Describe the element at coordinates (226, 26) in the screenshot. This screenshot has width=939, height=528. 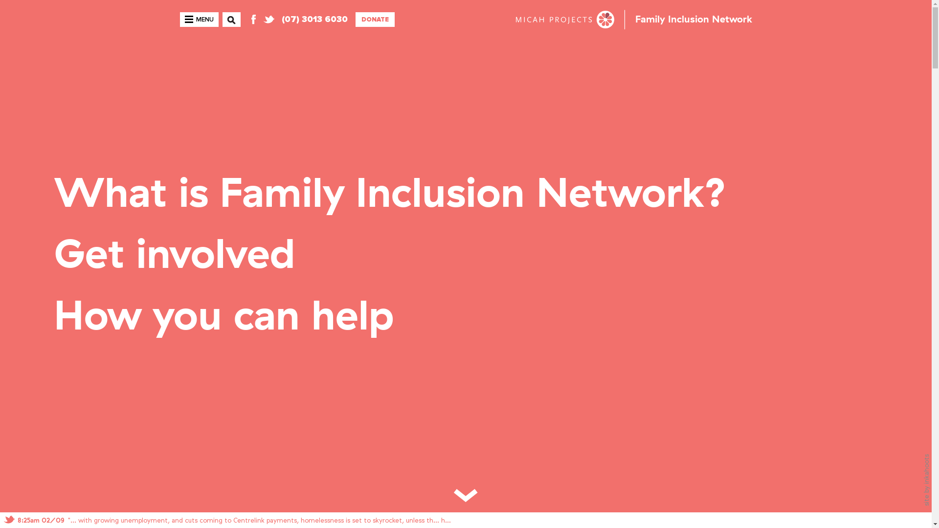
I see `'SEARCH'` at that location.